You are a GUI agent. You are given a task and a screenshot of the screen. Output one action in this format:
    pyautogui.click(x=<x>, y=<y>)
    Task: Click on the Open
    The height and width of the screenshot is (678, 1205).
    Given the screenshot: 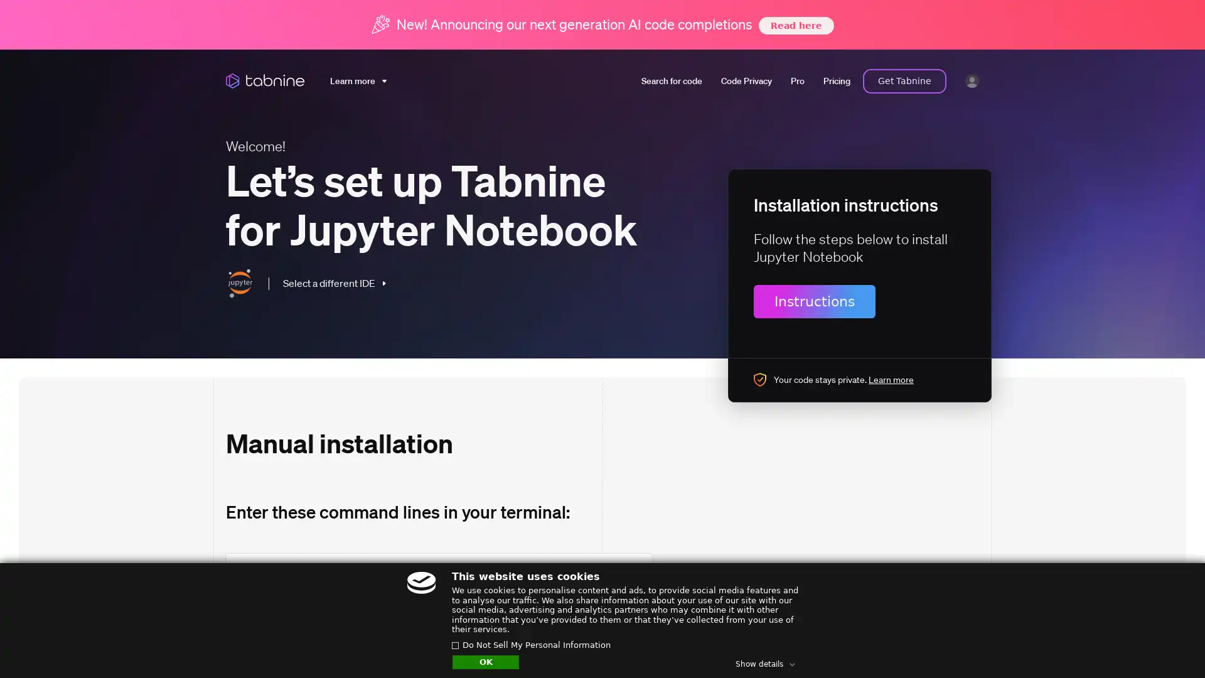 What is the action you would take?
    pyautogui.click(x=1167, y=644)
    